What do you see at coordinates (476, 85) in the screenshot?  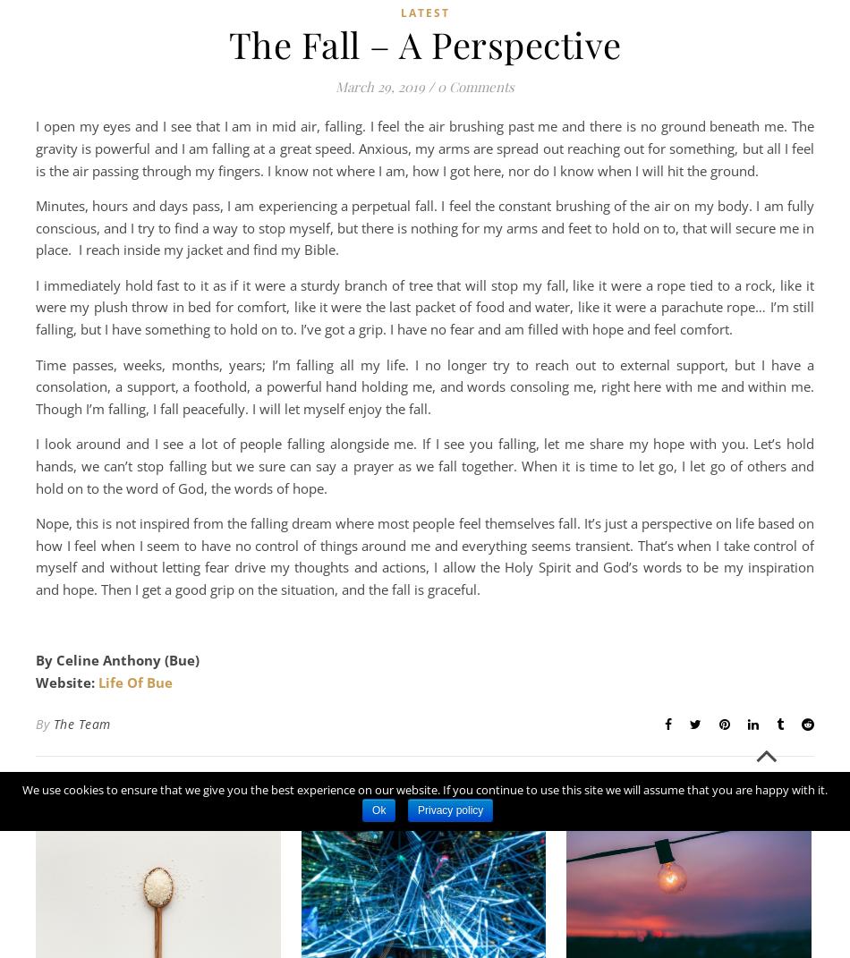 I see `'0 Comments'` at bounding box center [476, 85].